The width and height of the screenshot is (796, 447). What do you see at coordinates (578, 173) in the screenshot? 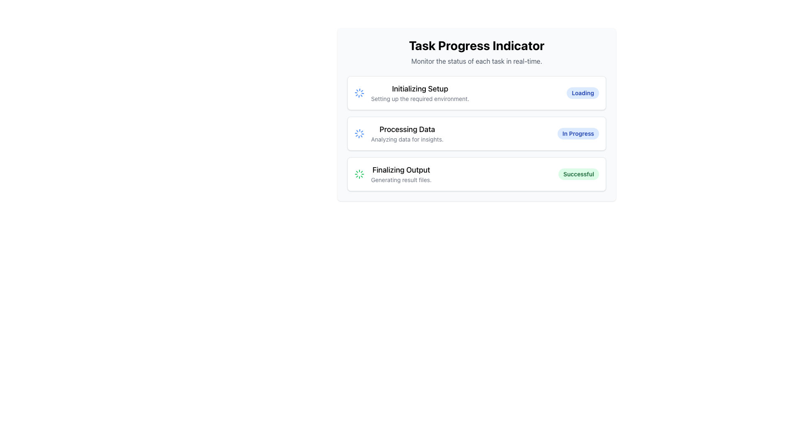
I see `the Status Indicator Badge that represents the completion status of the task labeled 'Finalizing Output', located on the right side of the third row in the task progress list` at bounding box center [578, 173].